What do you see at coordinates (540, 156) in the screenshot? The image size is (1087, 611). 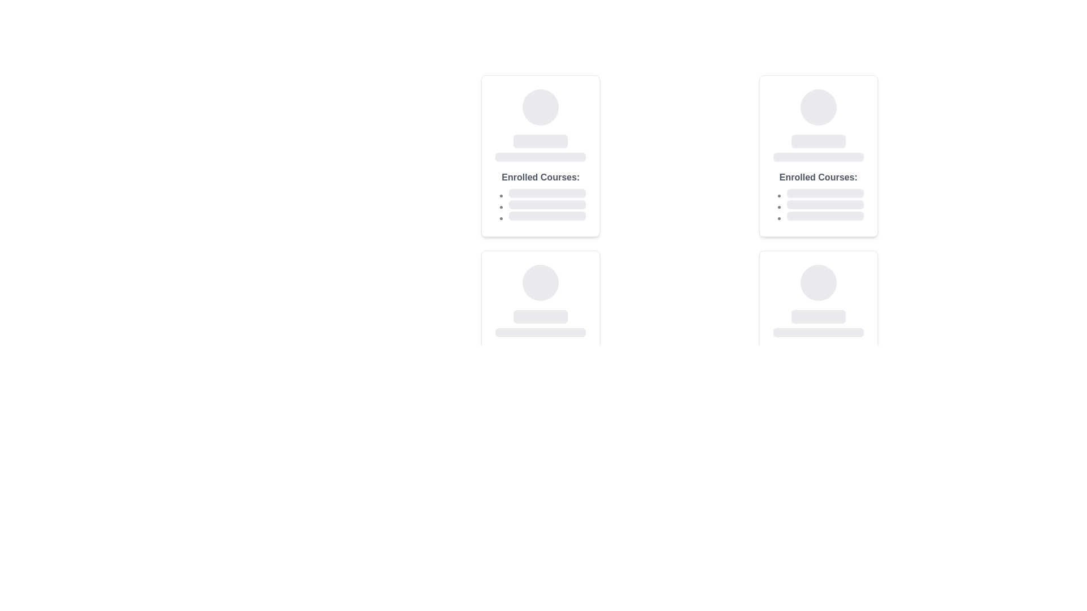 I see `the content of the descriptive card displaying information about enrolled courses located at the top-left position of the grid layout` at bounding box center [540, 156].